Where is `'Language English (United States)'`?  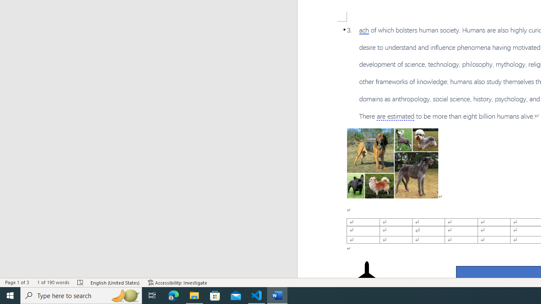
'Language English (United States)' is located at coordinates (115, 282).